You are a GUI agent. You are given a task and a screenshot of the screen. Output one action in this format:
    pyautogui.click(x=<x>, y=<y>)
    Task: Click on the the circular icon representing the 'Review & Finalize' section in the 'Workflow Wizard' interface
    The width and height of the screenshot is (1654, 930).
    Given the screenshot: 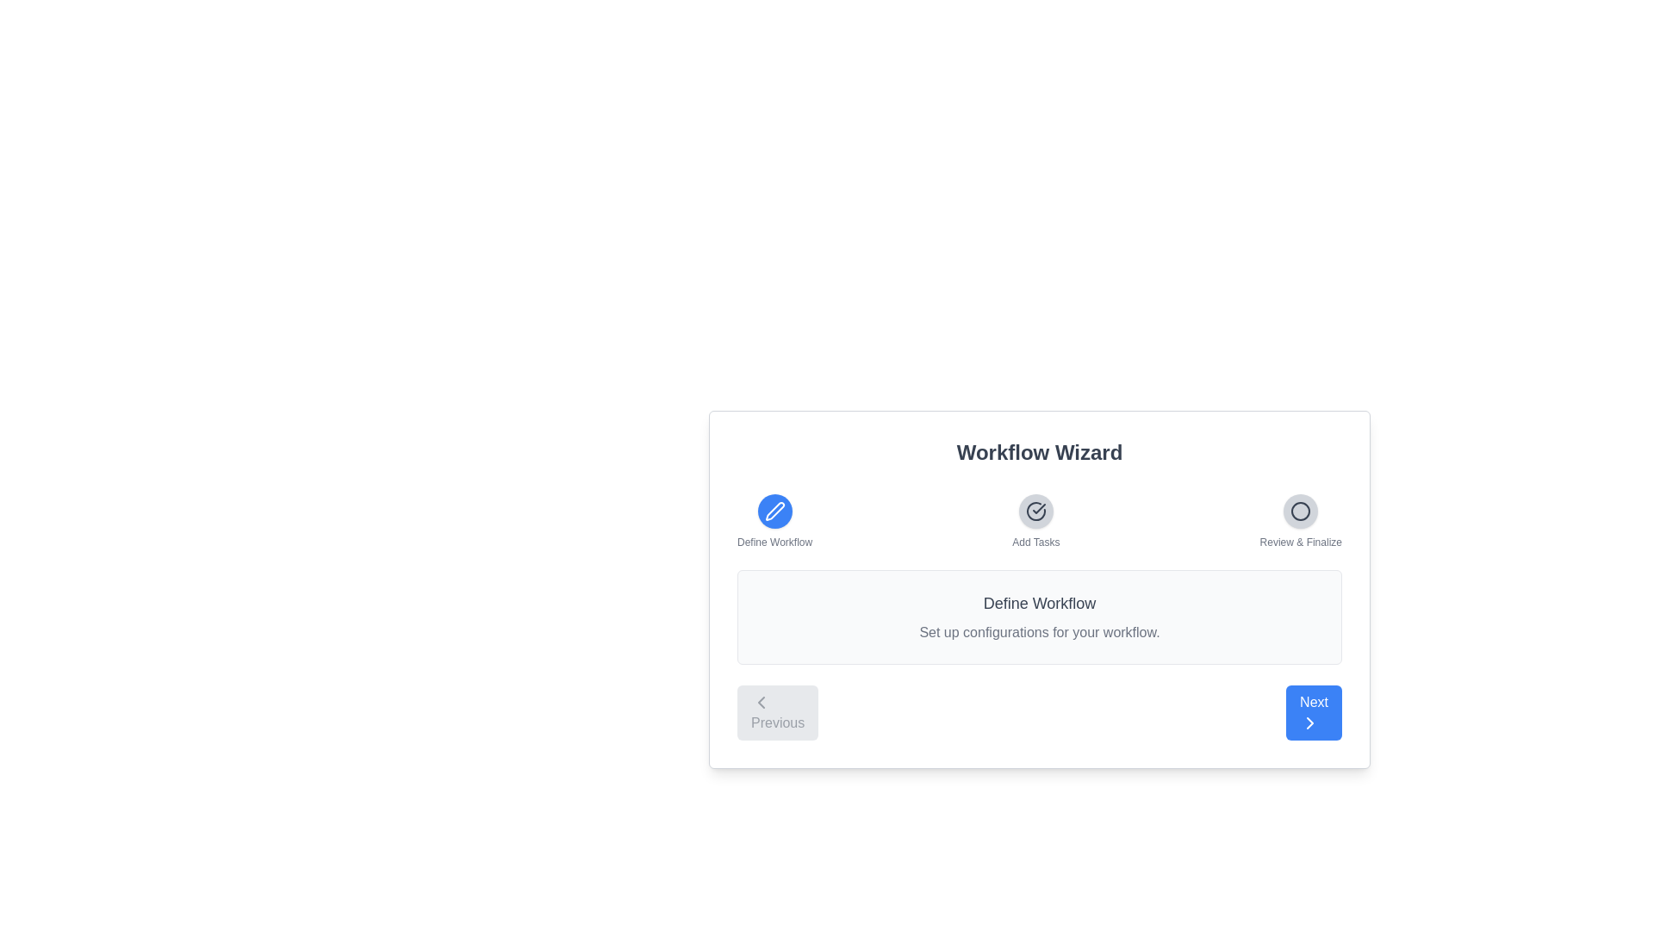 What is the action you would take?
    pyautogui.click(x=1301, y=511)
    